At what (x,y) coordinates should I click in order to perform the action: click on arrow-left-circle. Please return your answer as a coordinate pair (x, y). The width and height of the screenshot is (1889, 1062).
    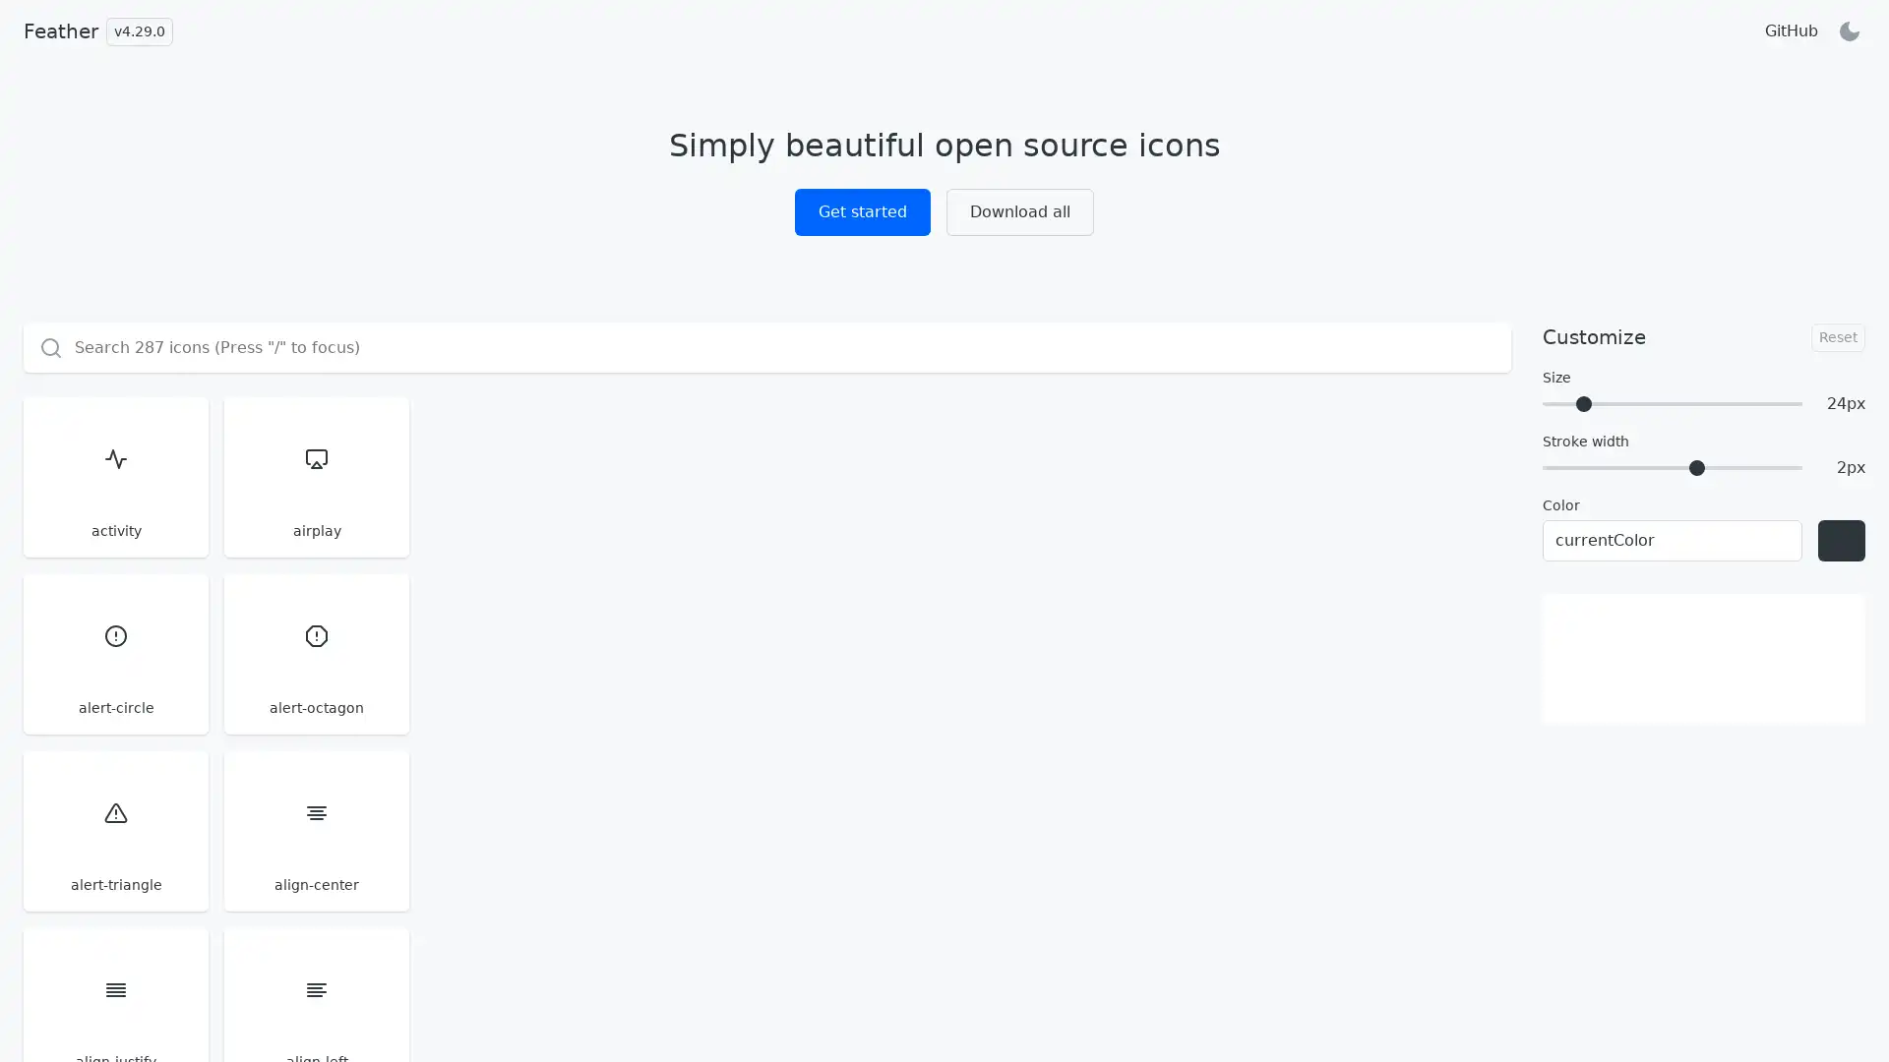
    Looking at the image, I should click on (1268, 653).